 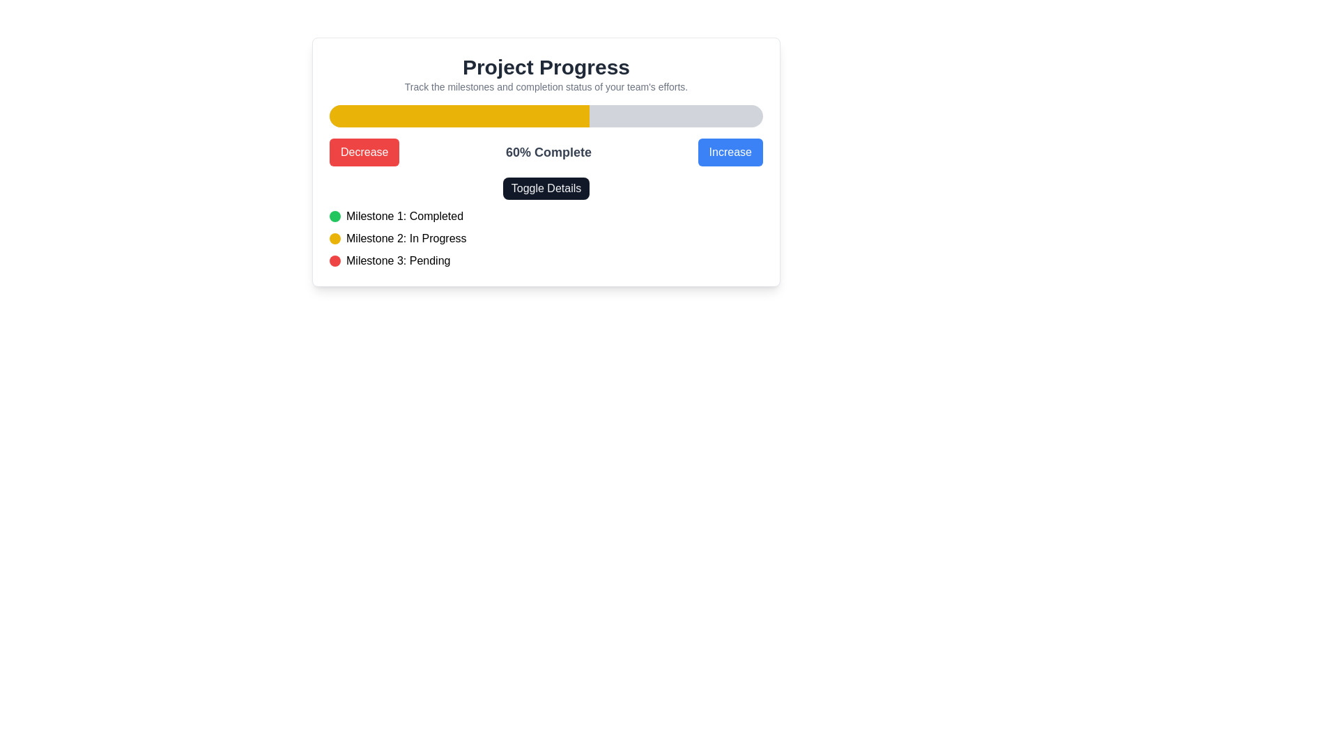 What do you see at coordinates (545, 67) in the screenshot?
I see `heading text 'Project Progress' located at the top of the content area, which is displayed in a bold and large font size, with a dark gray color` at bounding box center [545, 67].